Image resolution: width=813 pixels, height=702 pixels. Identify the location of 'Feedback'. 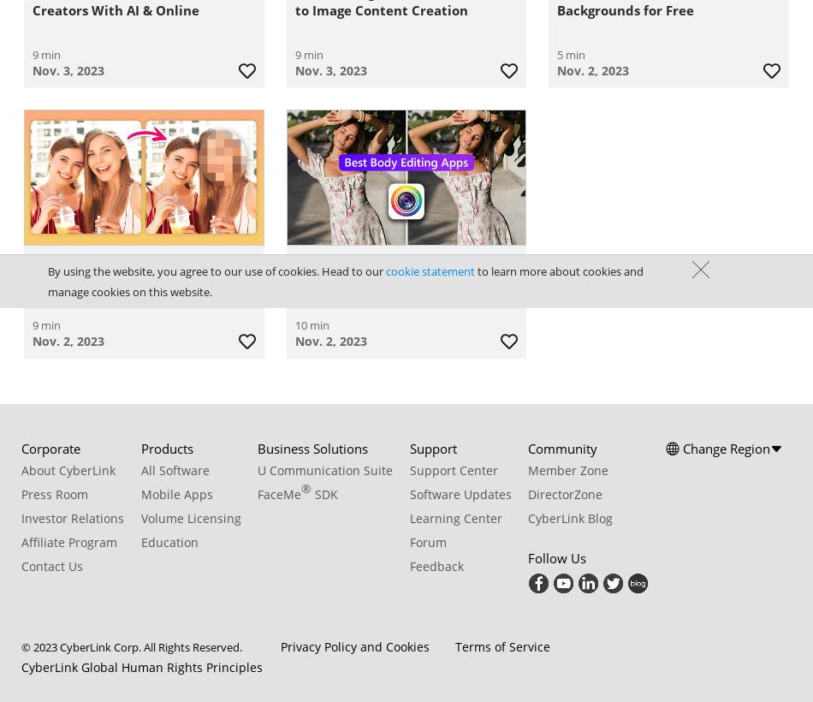
(436, 564).